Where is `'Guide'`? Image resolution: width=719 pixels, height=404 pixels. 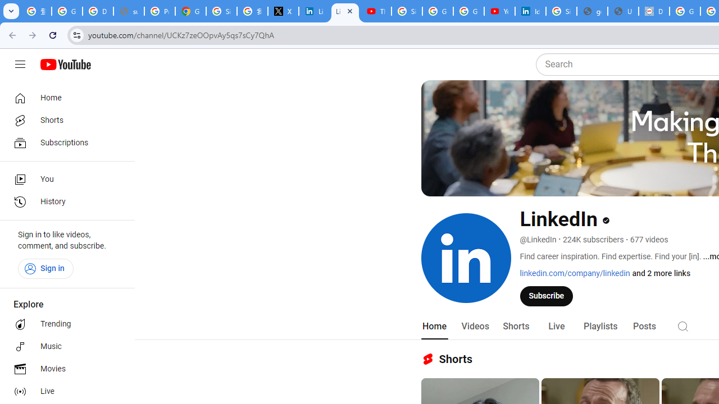
'Guide' is located at coordinates (20, 65).